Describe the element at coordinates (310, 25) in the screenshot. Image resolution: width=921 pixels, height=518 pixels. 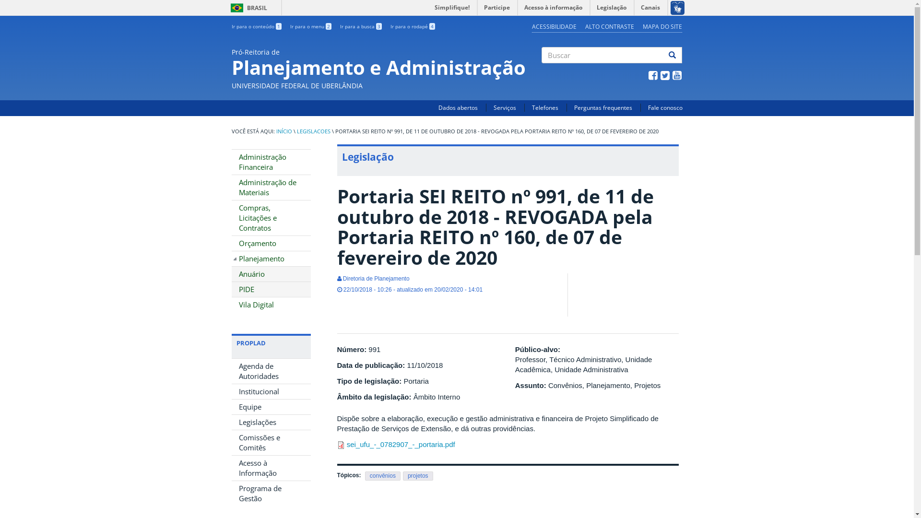
I see `'Ir para o menu 2'` at that location.